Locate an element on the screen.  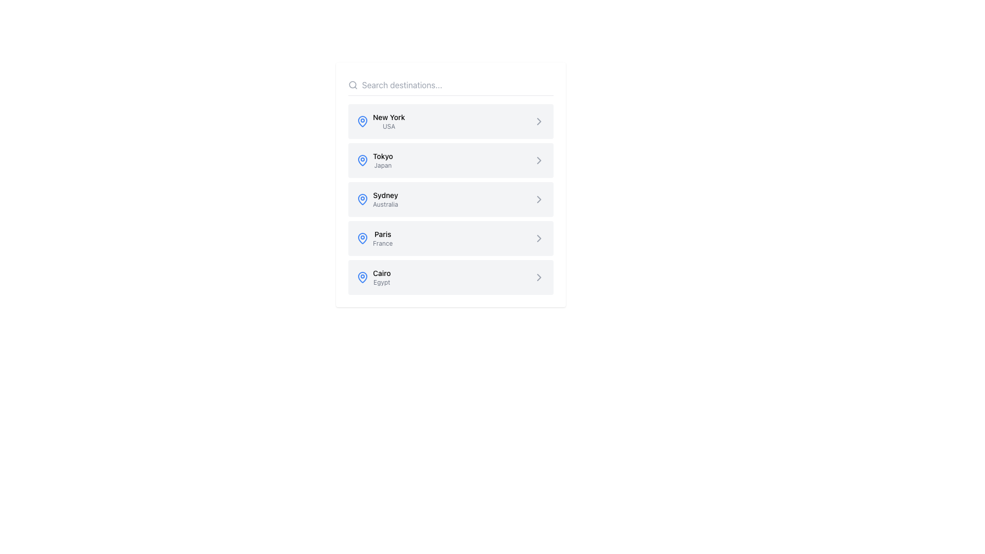
the location display item showing 'SydneyAustralia' with a blue location pin icon on the left is located at coordinates (377, 200).